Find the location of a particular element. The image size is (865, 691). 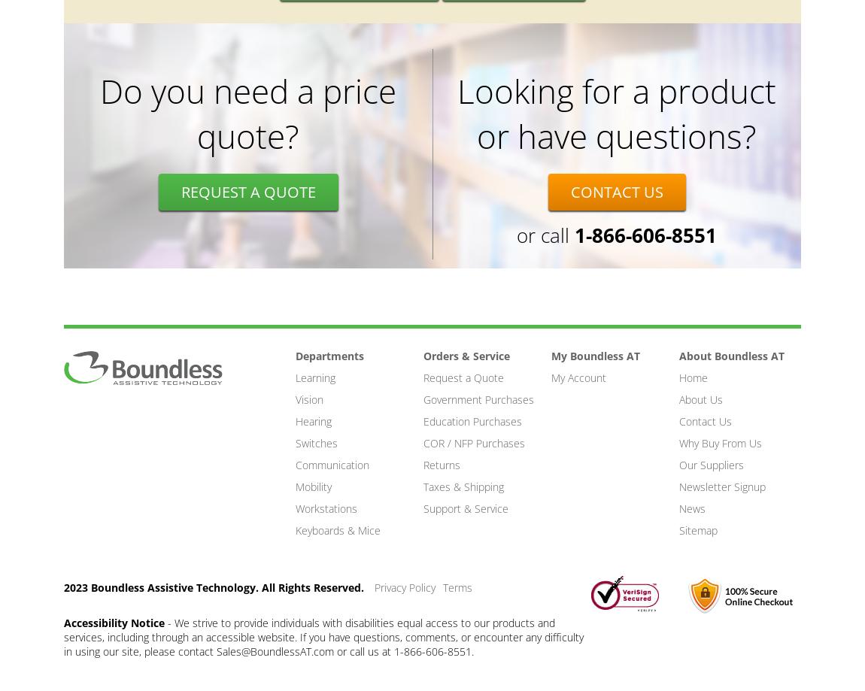

'COR / NFP Purchases' is located at coordinates (473, 443).